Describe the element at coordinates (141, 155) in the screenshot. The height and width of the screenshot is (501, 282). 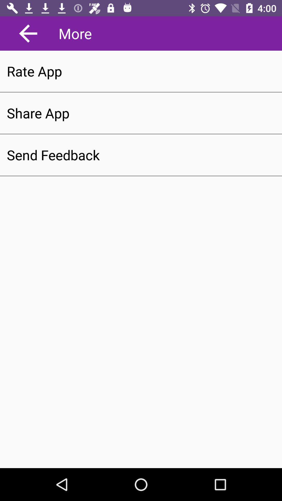
I see `the send feedback item` at that location.